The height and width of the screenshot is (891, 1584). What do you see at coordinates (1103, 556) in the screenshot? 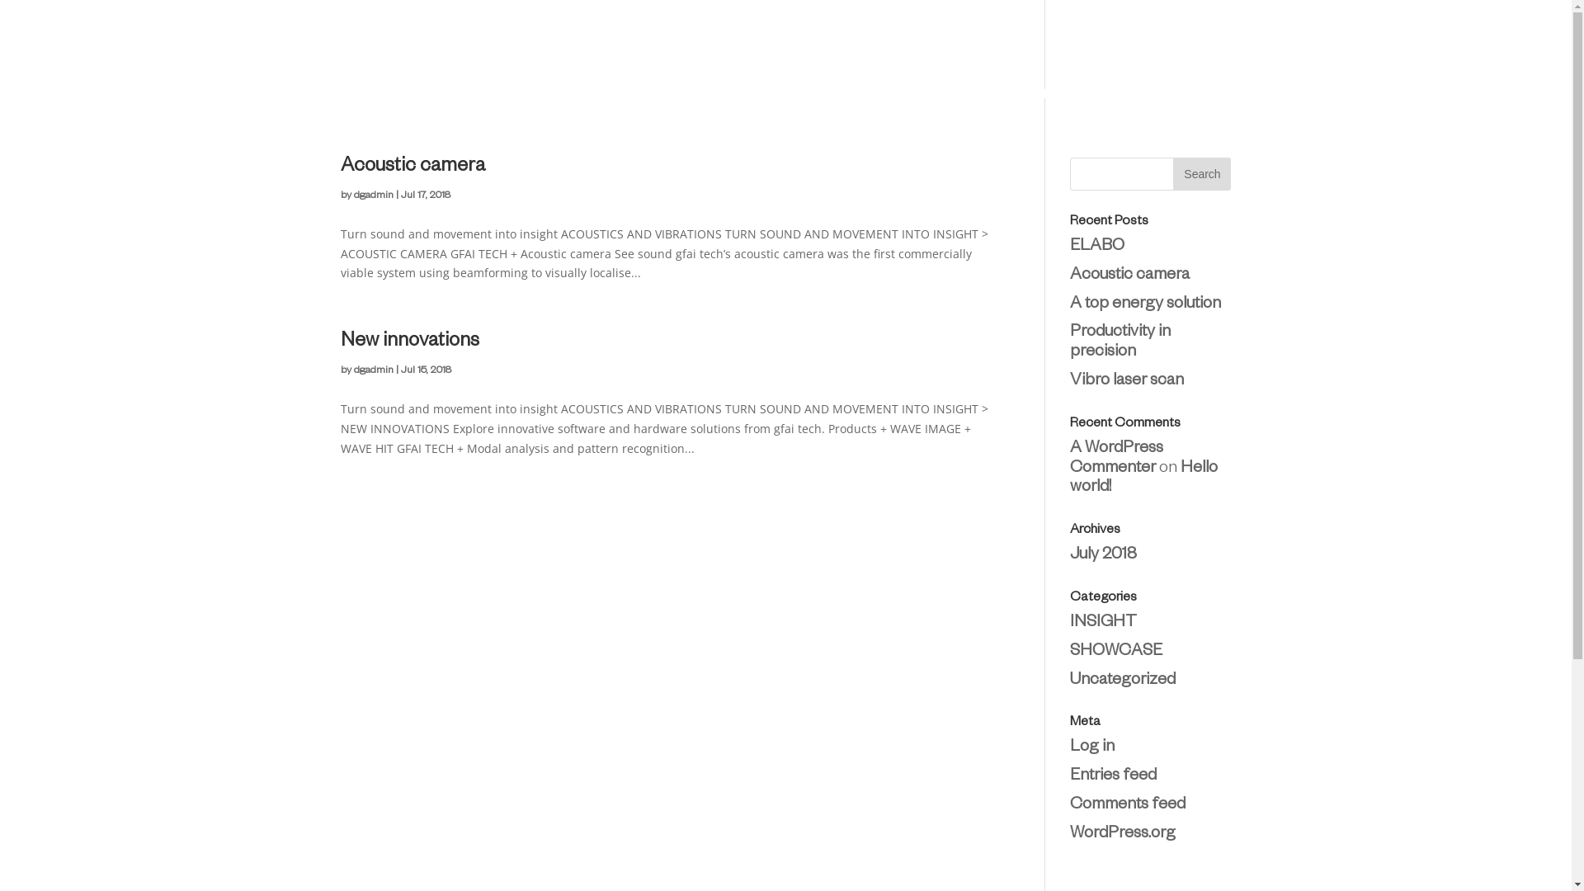
I see `'July 2018'` at bounding box center [1103, 556].